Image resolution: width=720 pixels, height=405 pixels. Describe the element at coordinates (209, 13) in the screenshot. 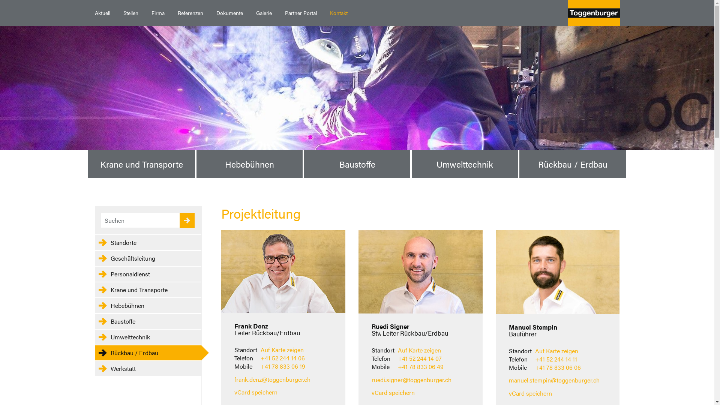

I see `'Dokumente'` at that location.